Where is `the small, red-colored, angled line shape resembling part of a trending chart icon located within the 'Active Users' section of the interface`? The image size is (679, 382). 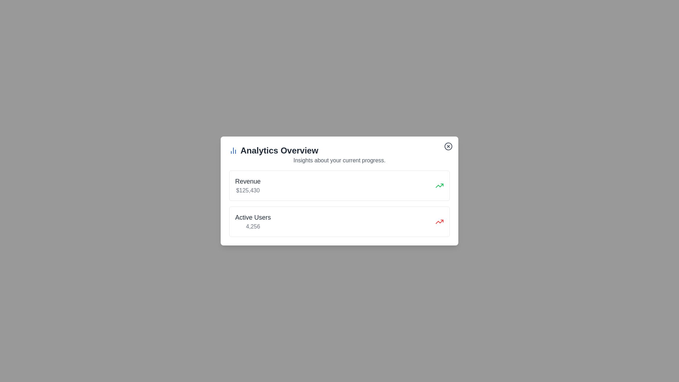 the small, red-colored, angled line shape resembling part of a trending chart icon located within the 'Active Users' section of the interface is located at coordinates (439, 221).